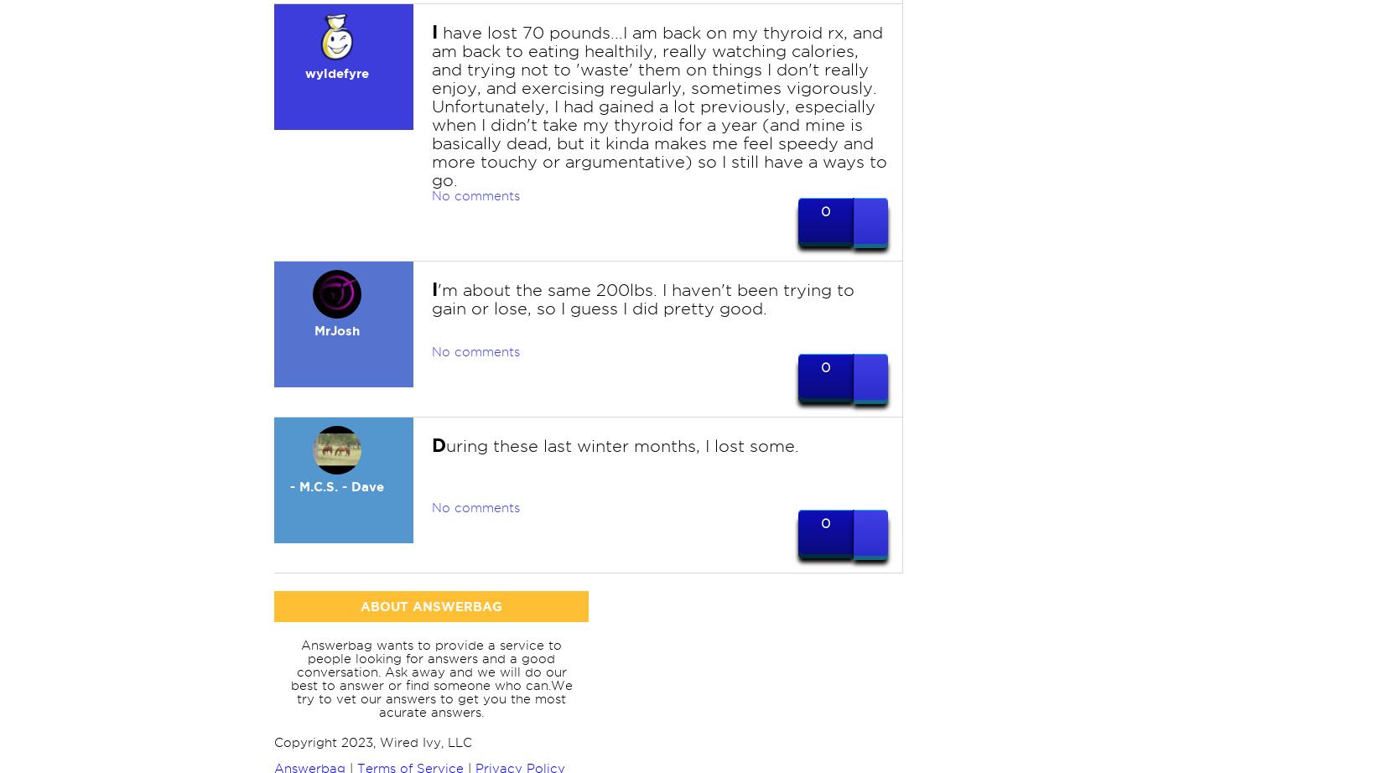 The height and width of the screenshot is (773, 1387). What do you see at coordinates (621, 445) in the screenshot?
I see `'uring these last winter months, I lost some.'` at bounding box center [621, 445].